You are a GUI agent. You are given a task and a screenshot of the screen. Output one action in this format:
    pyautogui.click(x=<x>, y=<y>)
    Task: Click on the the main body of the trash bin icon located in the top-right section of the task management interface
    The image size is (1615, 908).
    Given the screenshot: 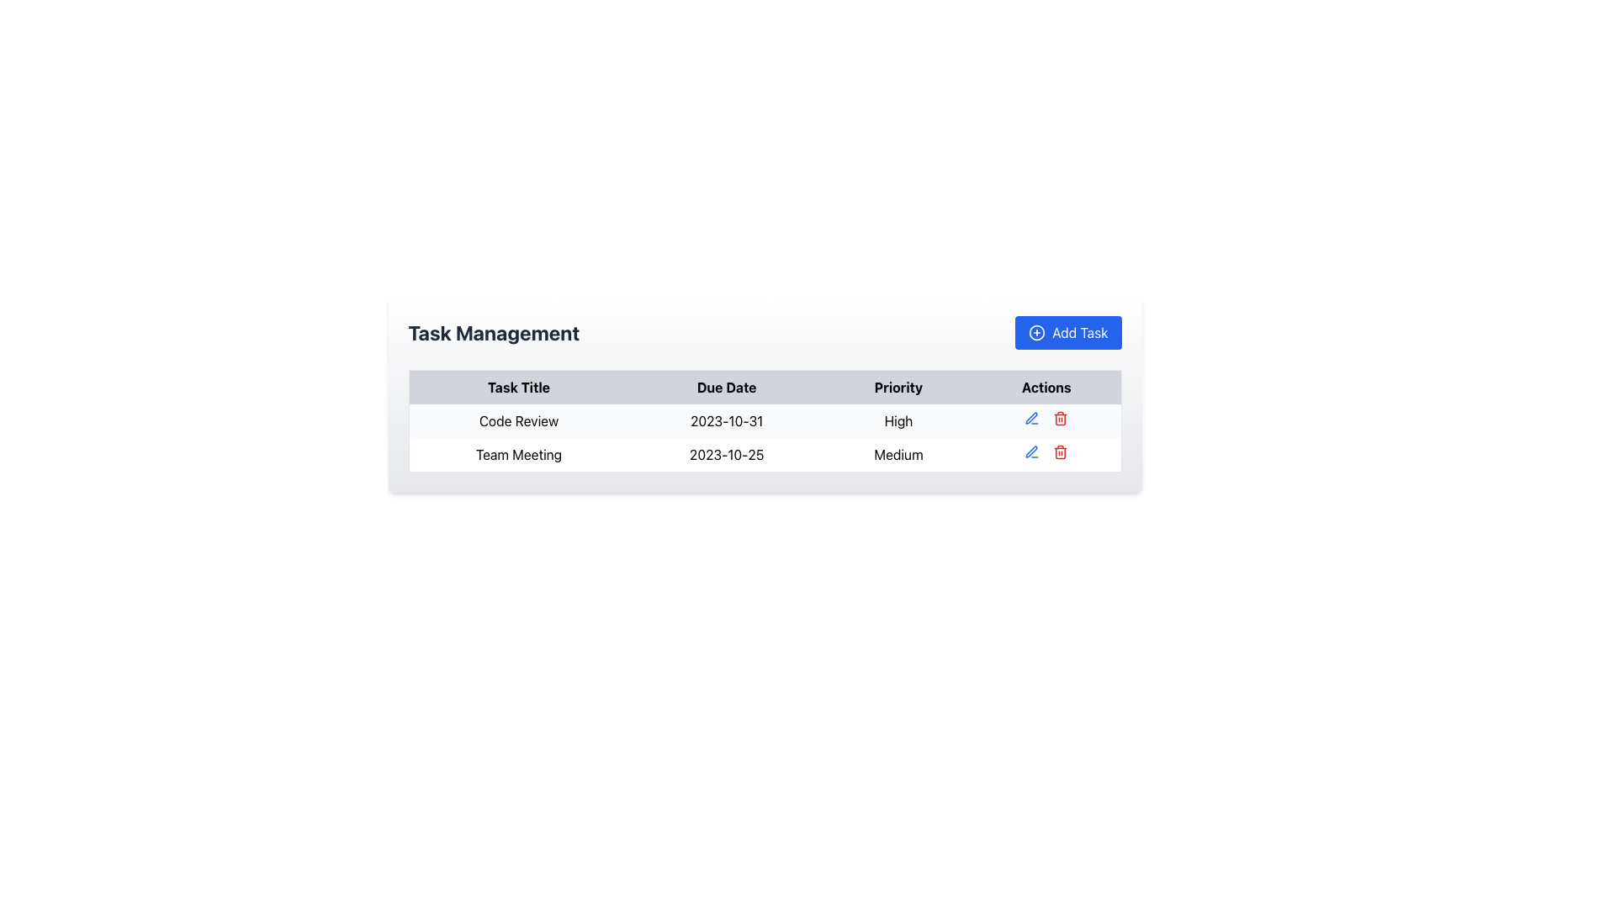 What is the action you would take?
    pyautogui.click(x=1060, y=419)
    